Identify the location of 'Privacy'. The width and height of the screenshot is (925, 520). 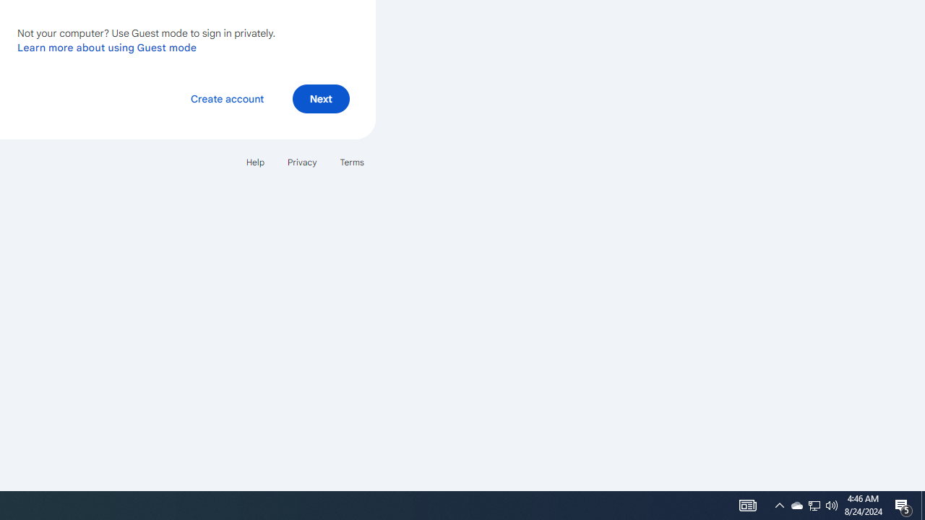
(301, 162).